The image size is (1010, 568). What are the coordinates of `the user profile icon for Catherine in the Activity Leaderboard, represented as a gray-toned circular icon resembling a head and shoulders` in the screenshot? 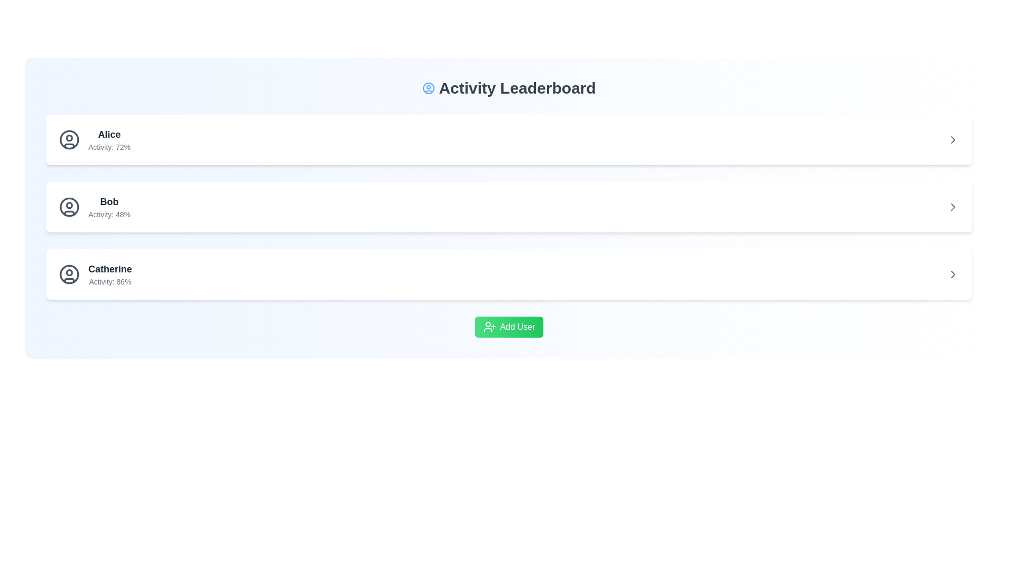 It's located at (69, 273).